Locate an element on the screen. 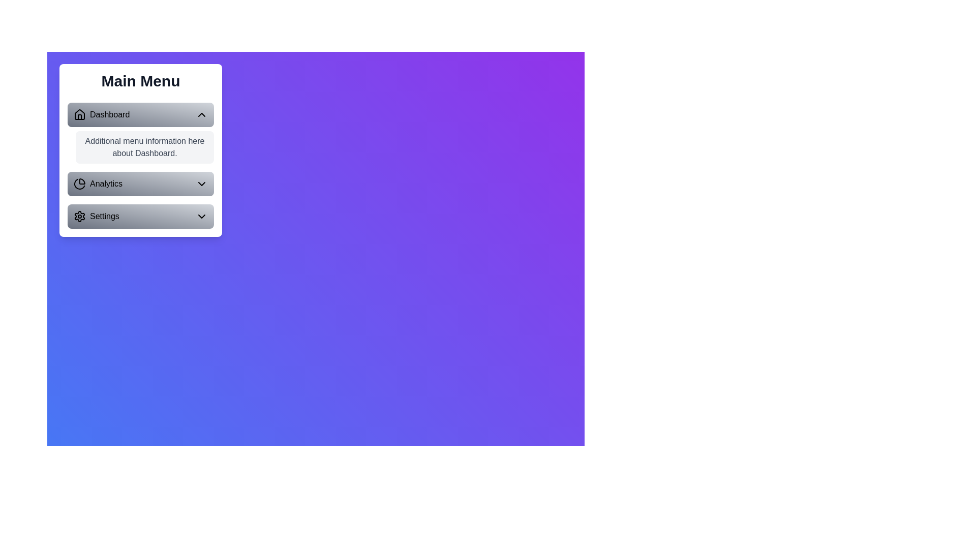  the 'Settings' text label, which is the third item in the menu located centrally in a purple background, to the right of the gear icon is located at coordinates (104, 216).